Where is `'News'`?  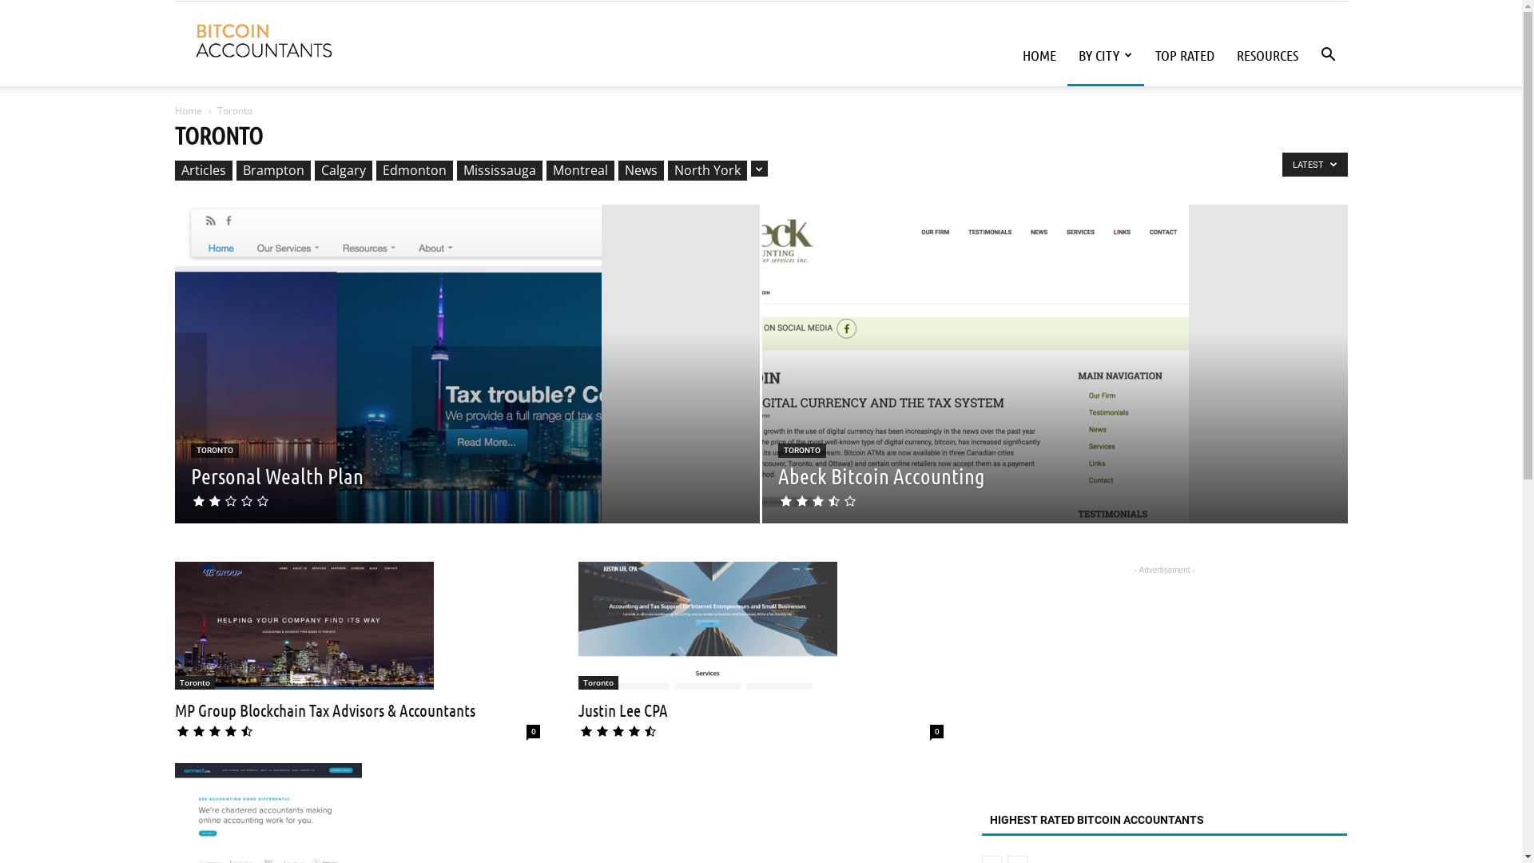
'News' is located at coordinates (641, 170).